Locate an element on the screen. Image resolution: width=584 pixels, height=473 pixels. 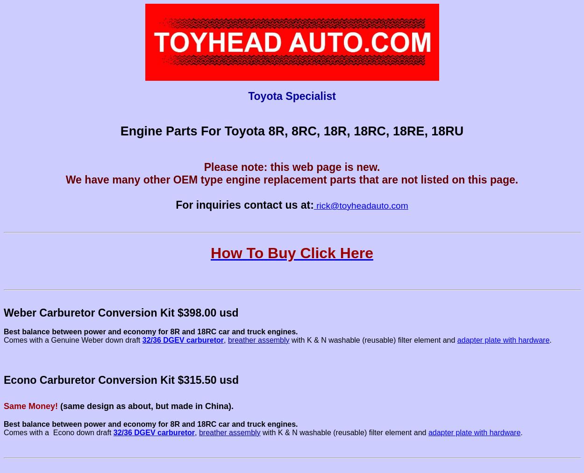
'Parts












                For Toyota 8R, 8RC, 18R, 18RC, 18RE, 18RU' is located at coordinates (314, 130).